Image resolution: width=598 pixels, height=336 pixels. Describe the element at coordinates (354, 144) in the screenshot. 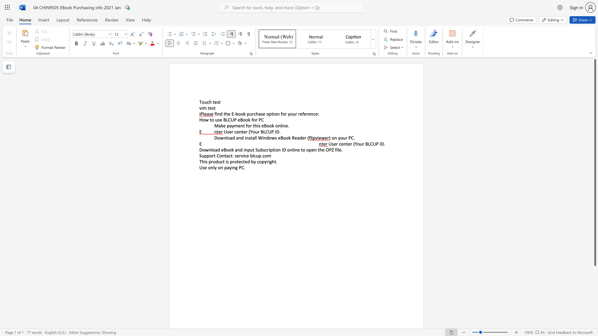

I see `the 1th character "(" in the text` at that location.